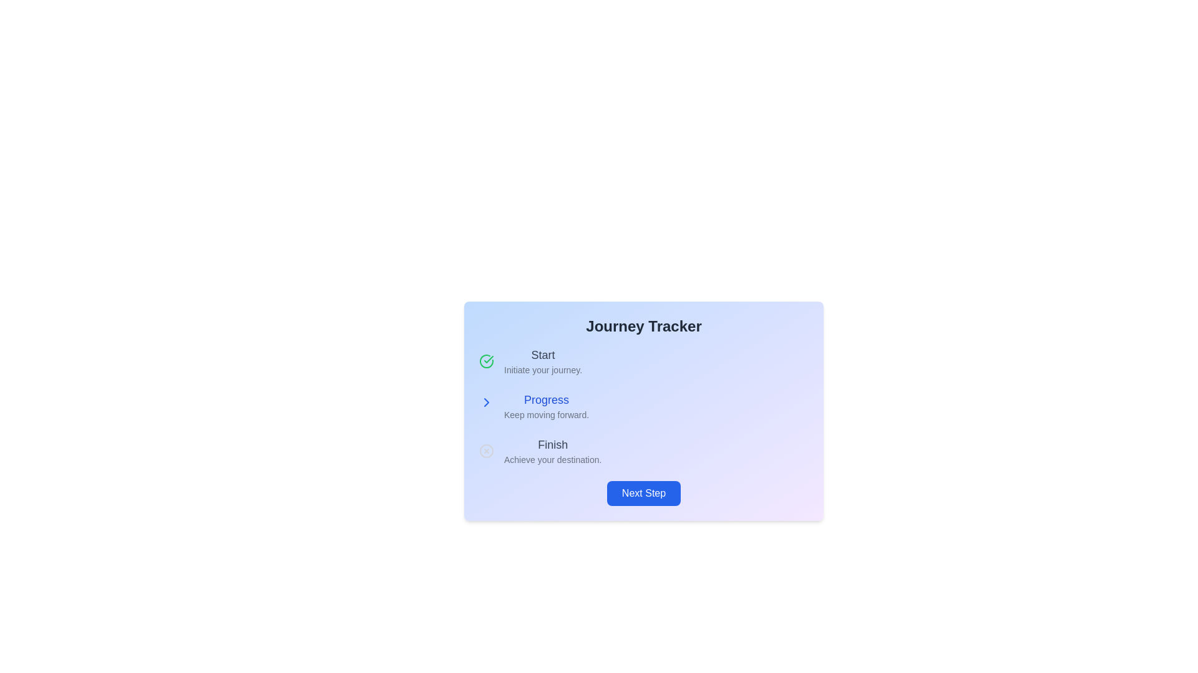 The width and height of the screenshot is (1198, 673). What do you see at coordinates (485, 405) in the screenshot?
I see `the chevron icon pointing to the right, which is blue and located to the left of the 'Progress' text in the second row of the step tracker component` at bounding box center [485, 405].